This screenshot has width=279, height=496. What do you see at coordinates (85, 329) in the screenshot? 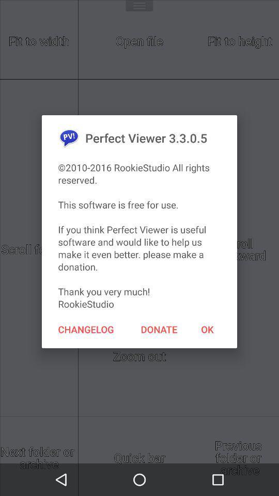
I see `the item to the left of the donate item` at bounding box center [85, 329].